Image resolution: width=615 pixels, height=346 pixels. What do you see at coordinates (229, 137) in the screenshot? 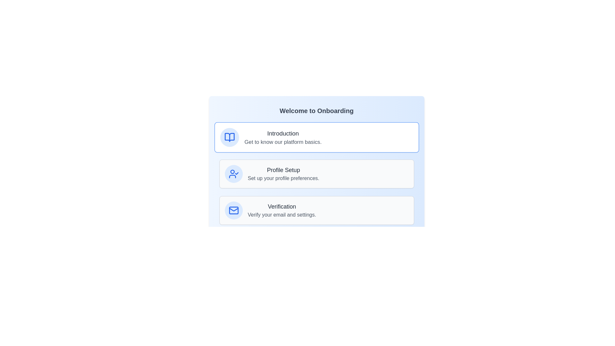
I see `the vector graphic icon representing the 'Introduction' step in the onboarding process, which is the leftmost element in its row adjacent to the text 'Introduction'` at bounding box center [229, 137].